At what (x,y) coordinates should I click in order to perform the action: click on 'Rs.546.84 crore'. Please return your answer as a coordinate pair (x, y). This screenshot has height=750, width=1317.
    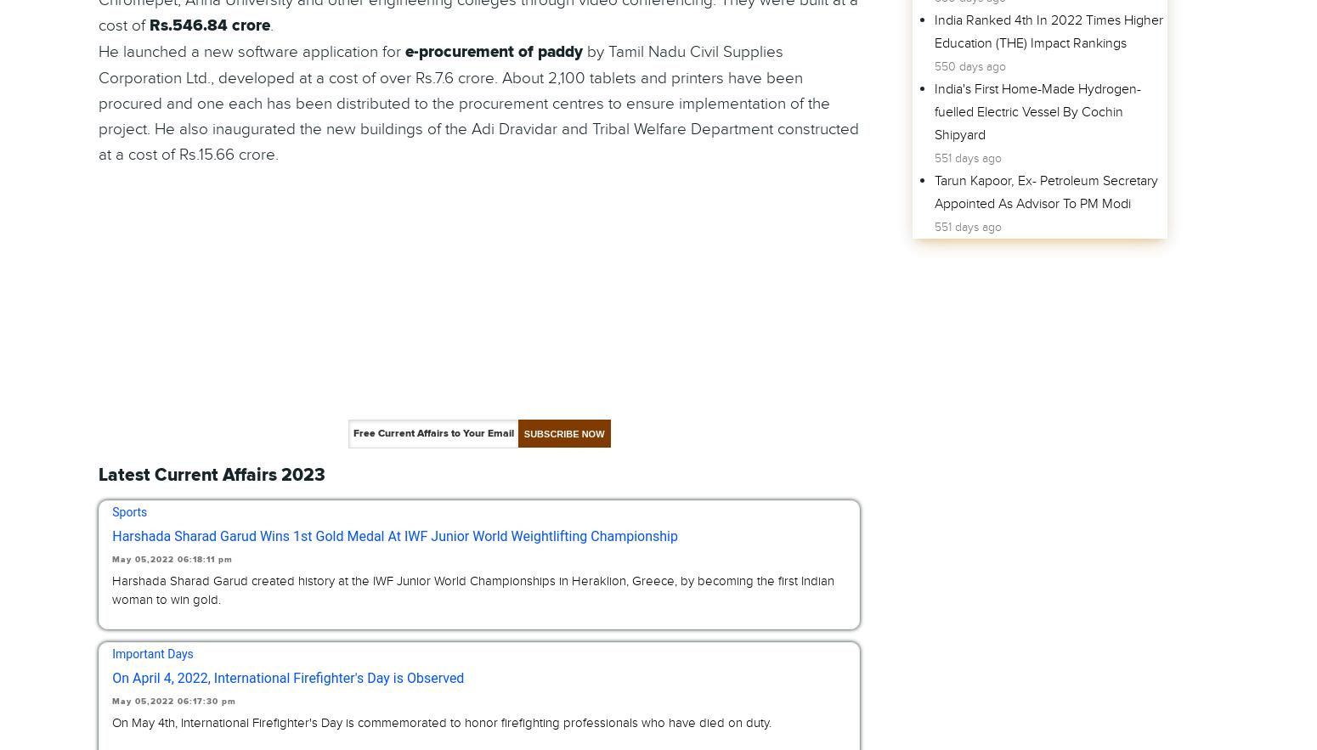
    Looking at the image, I should click on (210, 25).